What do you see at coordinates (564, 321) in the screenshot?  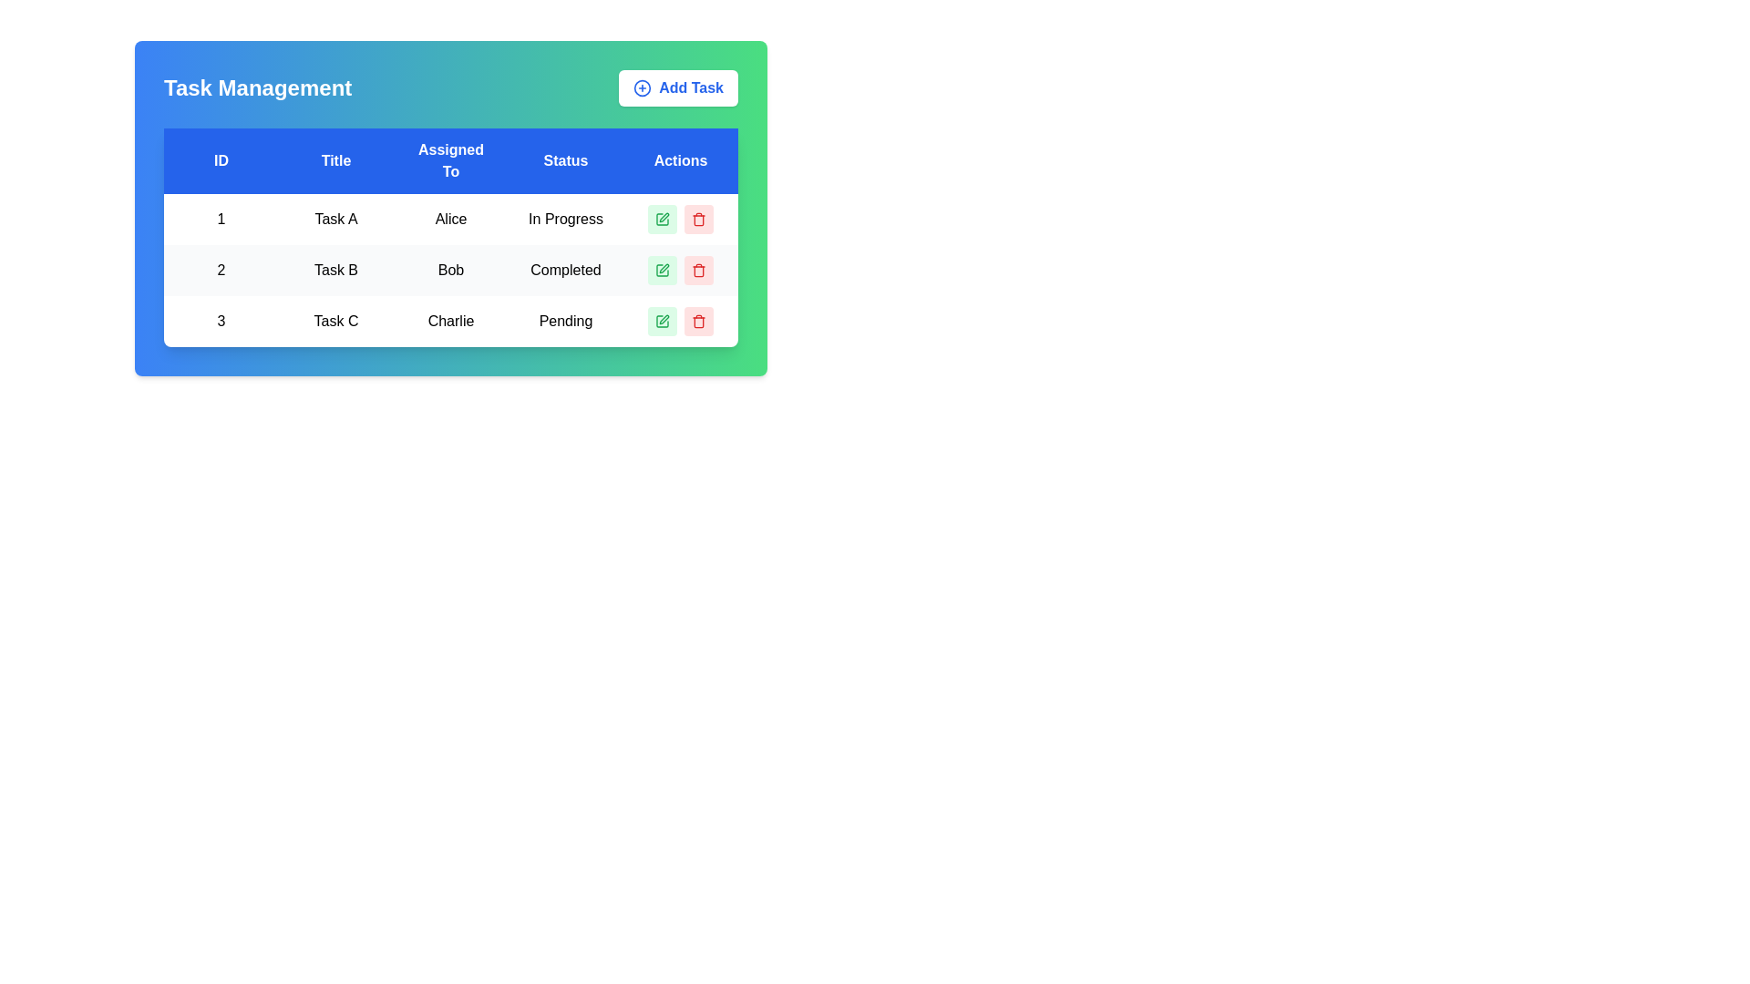 I see `the Text Label indicating the current status of a task as 'Pending', located in the third row of the table under the 'Status' column, fourth among its siblings` at bounding box center [564, 321].